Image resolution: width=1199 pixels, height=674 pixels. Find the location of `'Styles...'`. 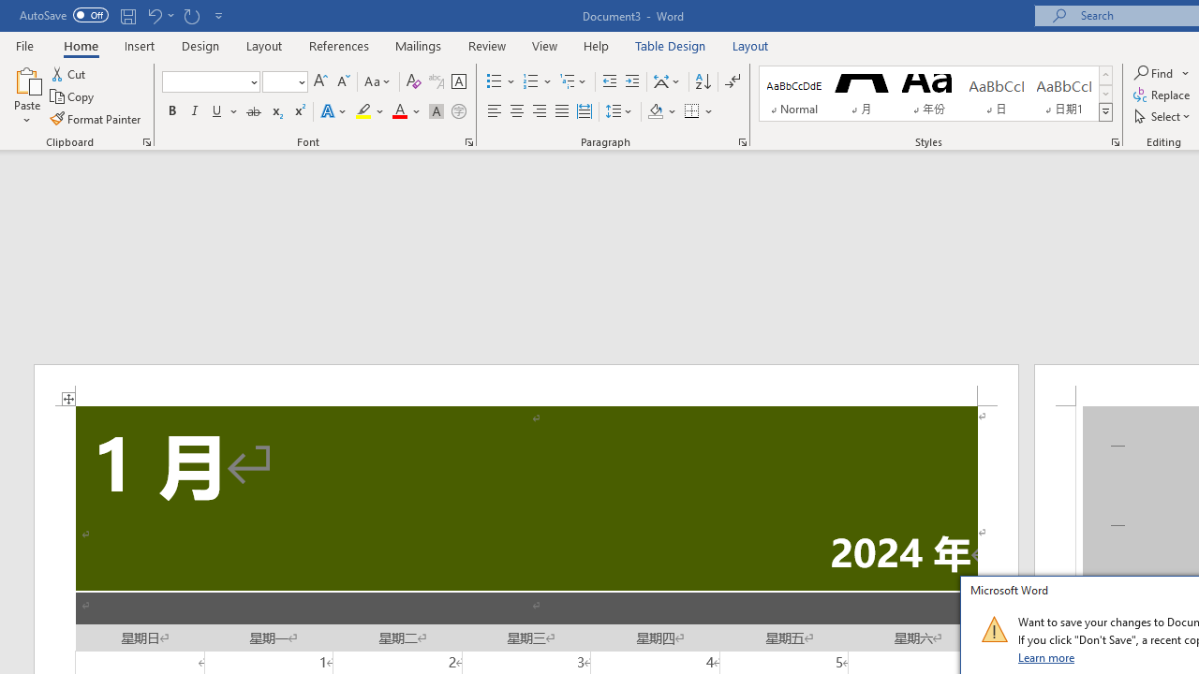

'Styles...' is located at coordinates (1116, 140).